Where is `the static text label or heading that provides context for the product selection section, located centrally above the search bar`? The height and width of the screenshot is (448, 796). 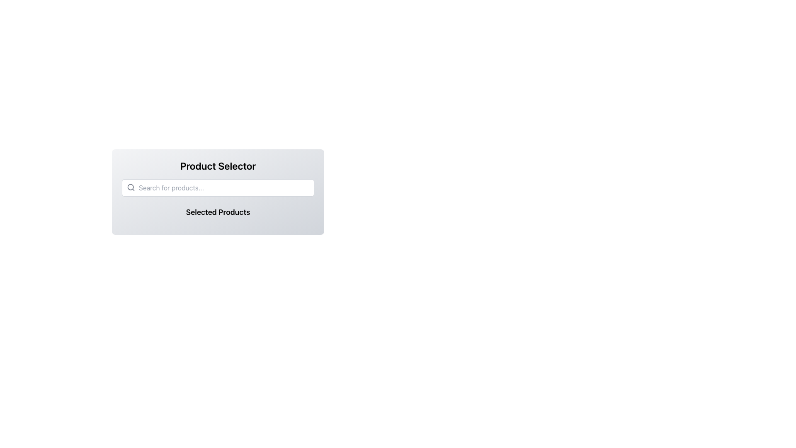 the static text label or heading that provides context for the product selection section, located centrally above the search bar is located at coordinates (218, 166).